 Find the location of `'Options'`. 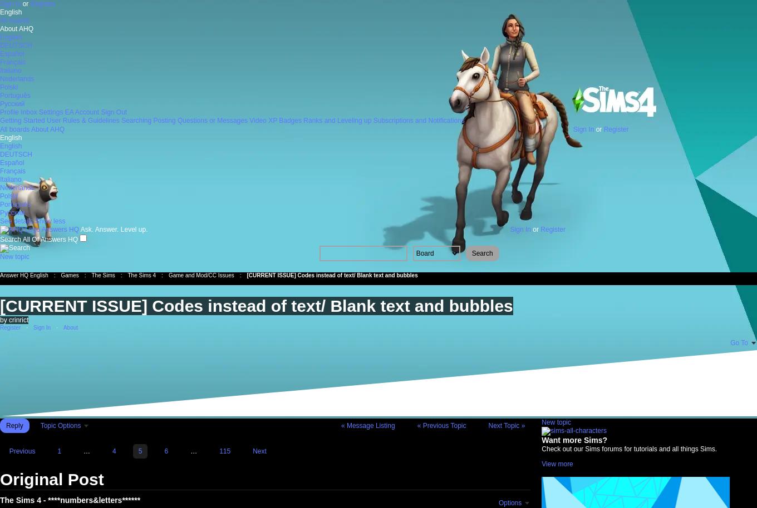

'Options' is located at coordinates (509, 502).